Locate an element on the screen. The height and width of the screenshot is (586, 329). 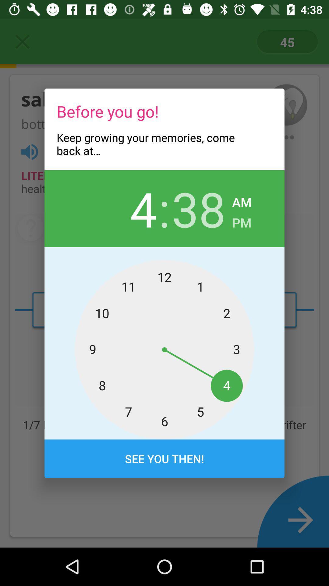
the icon next to am is located at coordinates (199, 208).